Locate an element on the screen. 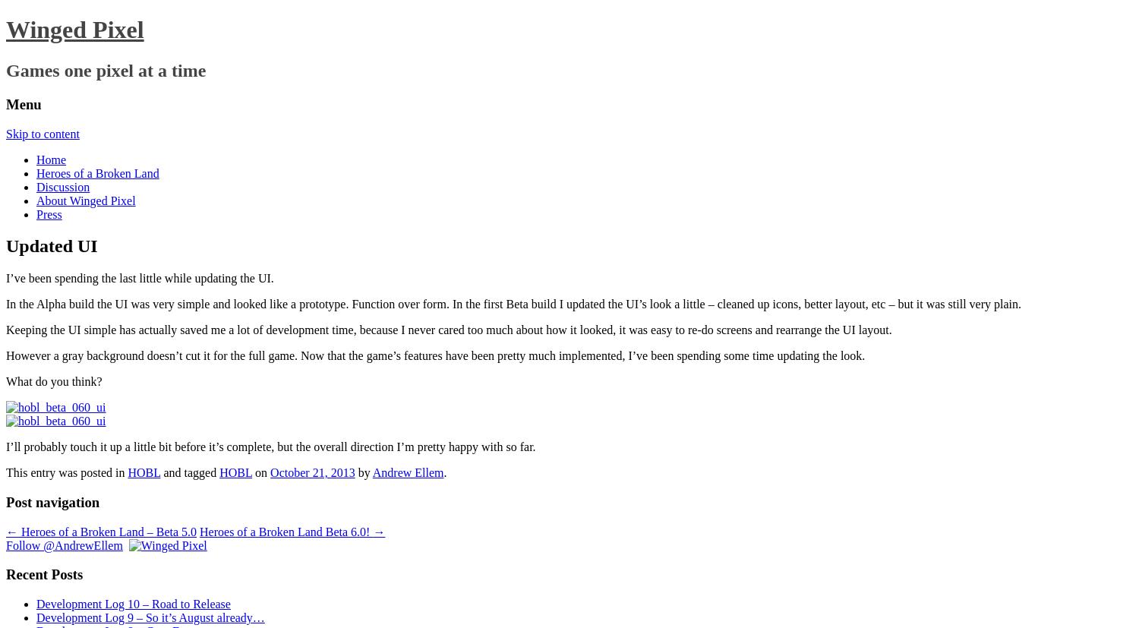 Image resolution: width=1139 pixels, height=628 pixels. 'Keeping the UI simple has actually saved me a lot of development time, because I never cared too much about how it looked, it was easy to re-do screens and rearrange the UI layout.' is located at coordinates (448, 329).